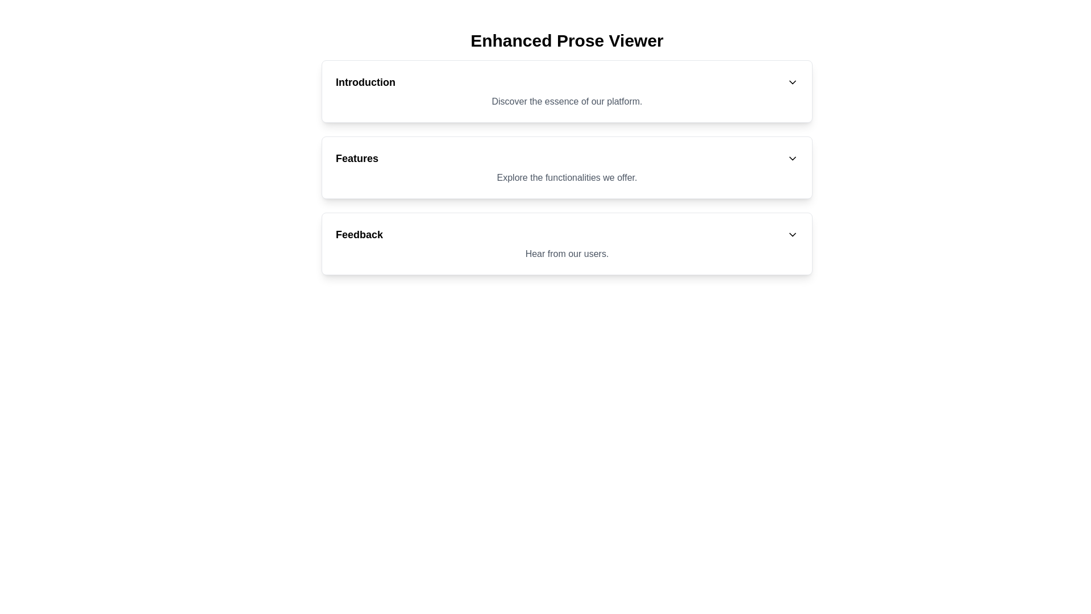 The image size is (1091, 614). What do you see at coordinates (567, 101) in the screenshot?
I see `the text element displaying 'Discover the essence of our platform.' which is styled in gray and located beneath the 'Introduction' heading` at bounding box center [567, 101].